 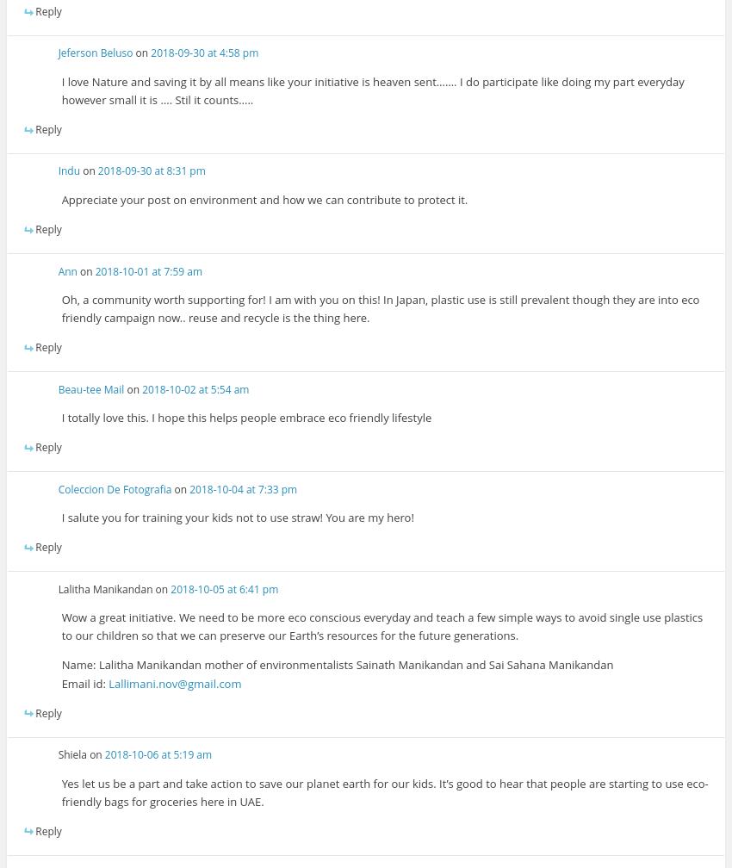 I want to click on 'Ann', so click(x=67, y=270).